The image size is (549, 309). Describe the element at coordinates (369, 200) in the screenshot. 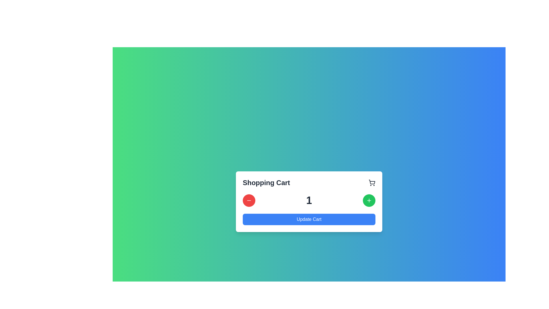

I see `the rightmost button in the shopping cart interface to increment the quantity of the item` at that location.